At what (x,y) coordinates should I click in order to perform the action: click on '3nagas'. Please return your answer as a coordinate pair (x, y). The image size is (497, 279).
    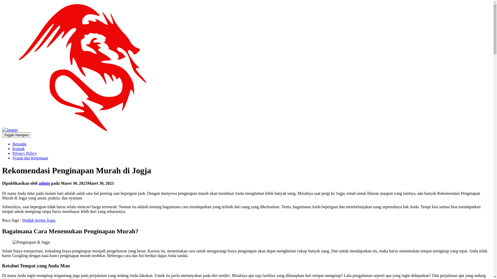
    Looking at the image, I should click on (2, 129).